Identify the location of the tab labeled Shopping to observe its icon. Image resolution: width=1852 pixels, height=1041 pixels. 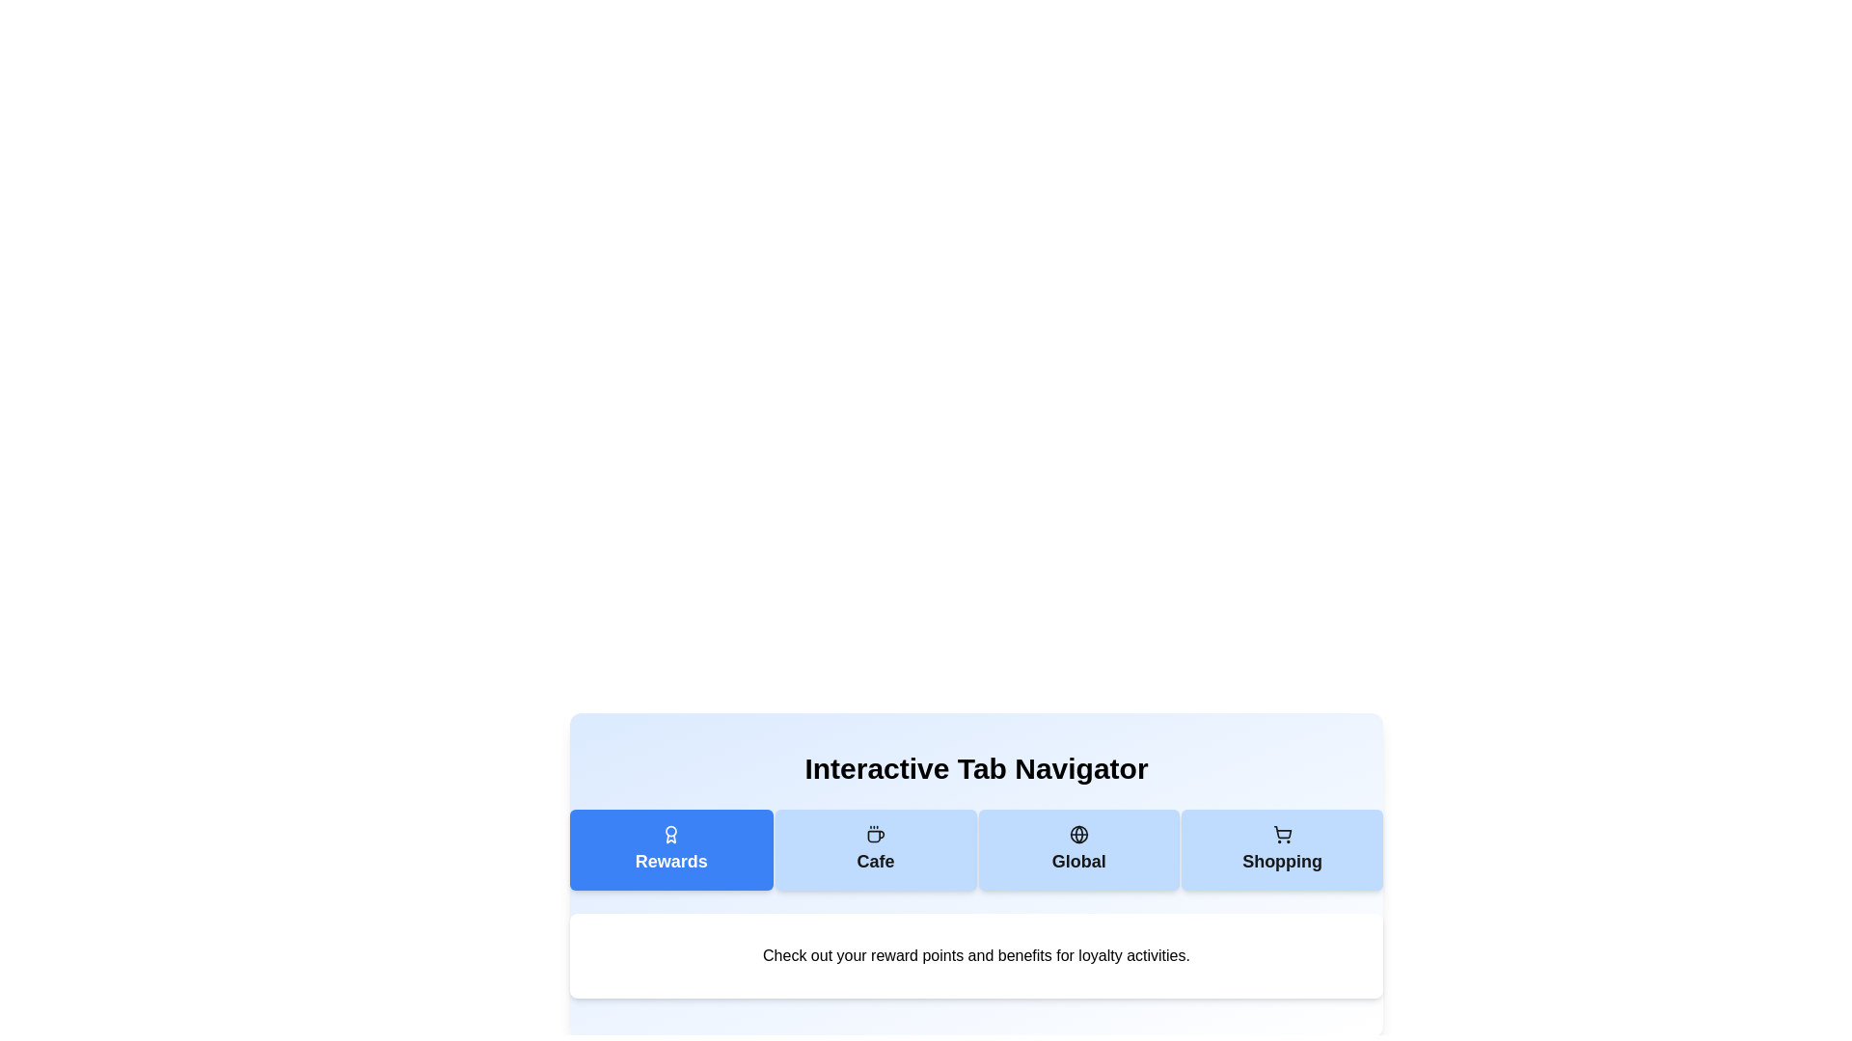
(1282, 849).